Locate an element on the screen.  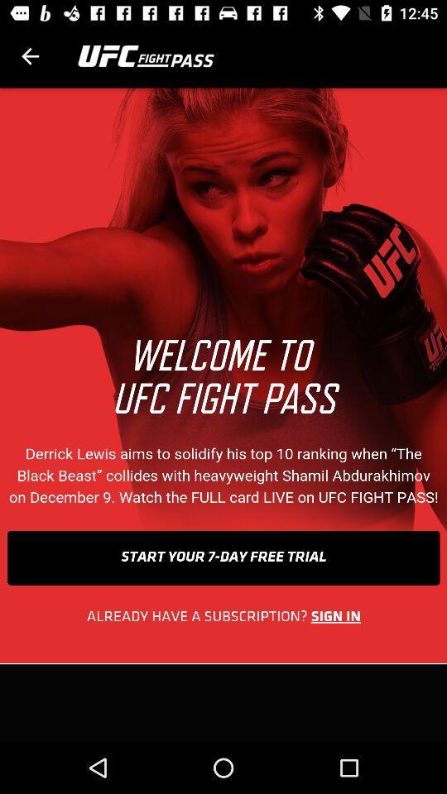
advertisement image is located at coordinates (223, 414).